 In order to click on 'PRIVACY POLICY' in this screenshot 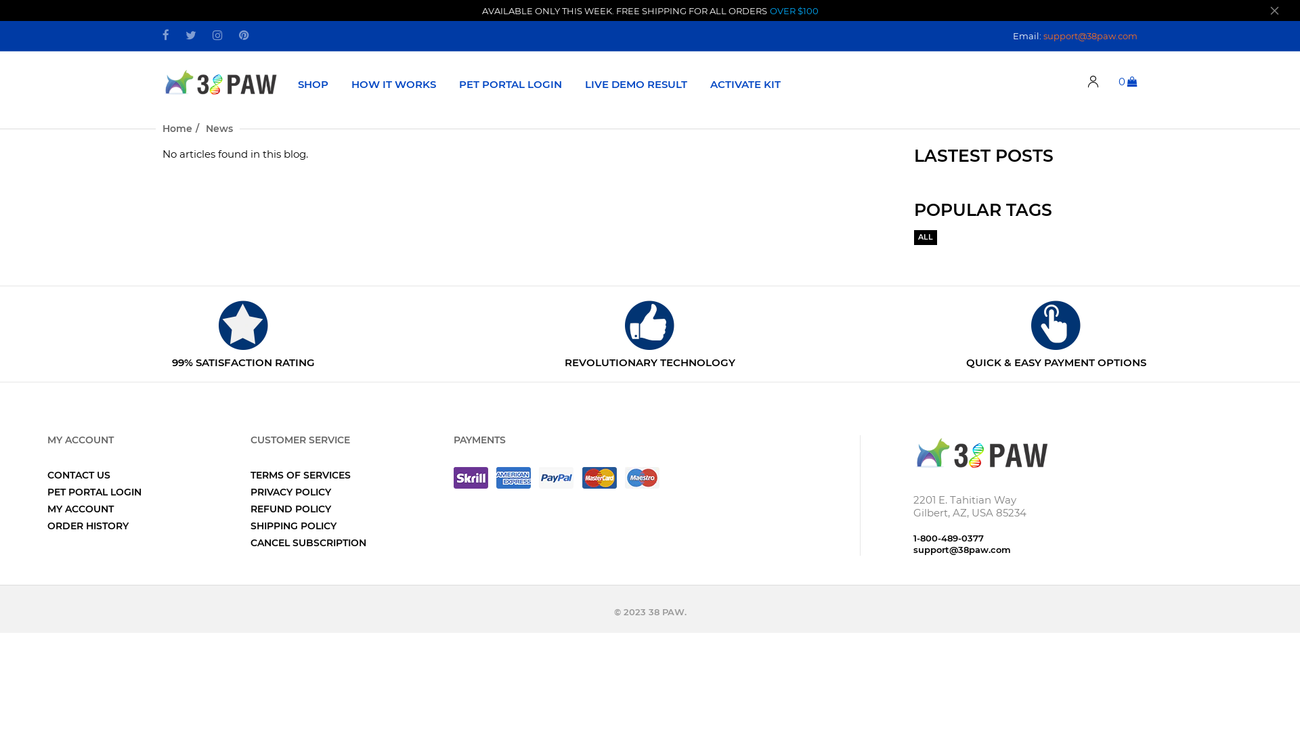, I will do `click(290, 491)`.